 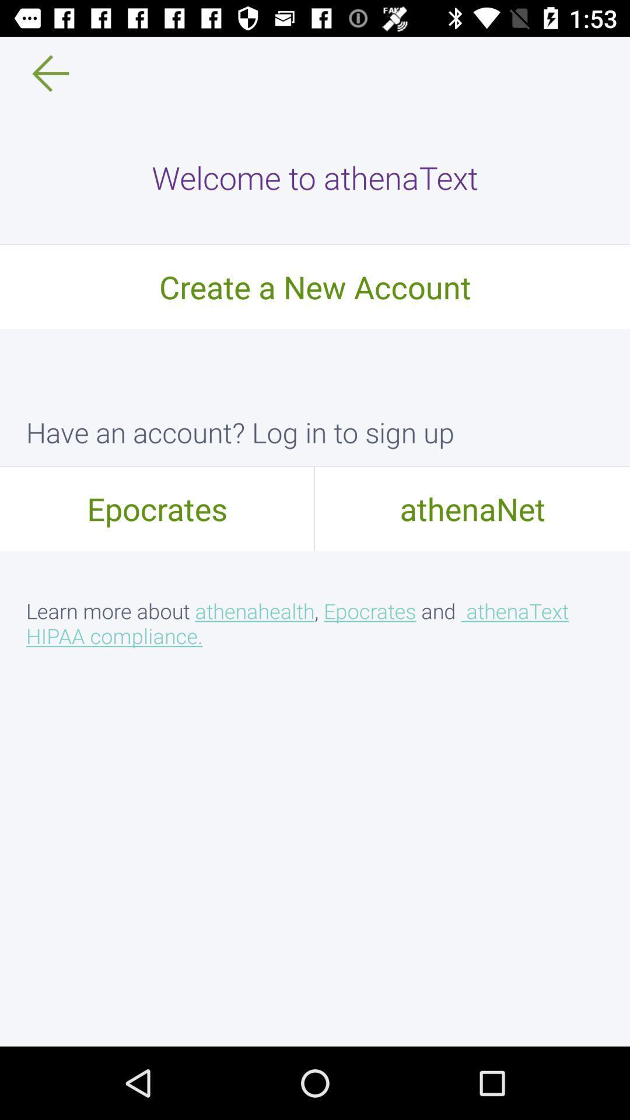 I want to click on the create a new item, so click(x=315, y=286).